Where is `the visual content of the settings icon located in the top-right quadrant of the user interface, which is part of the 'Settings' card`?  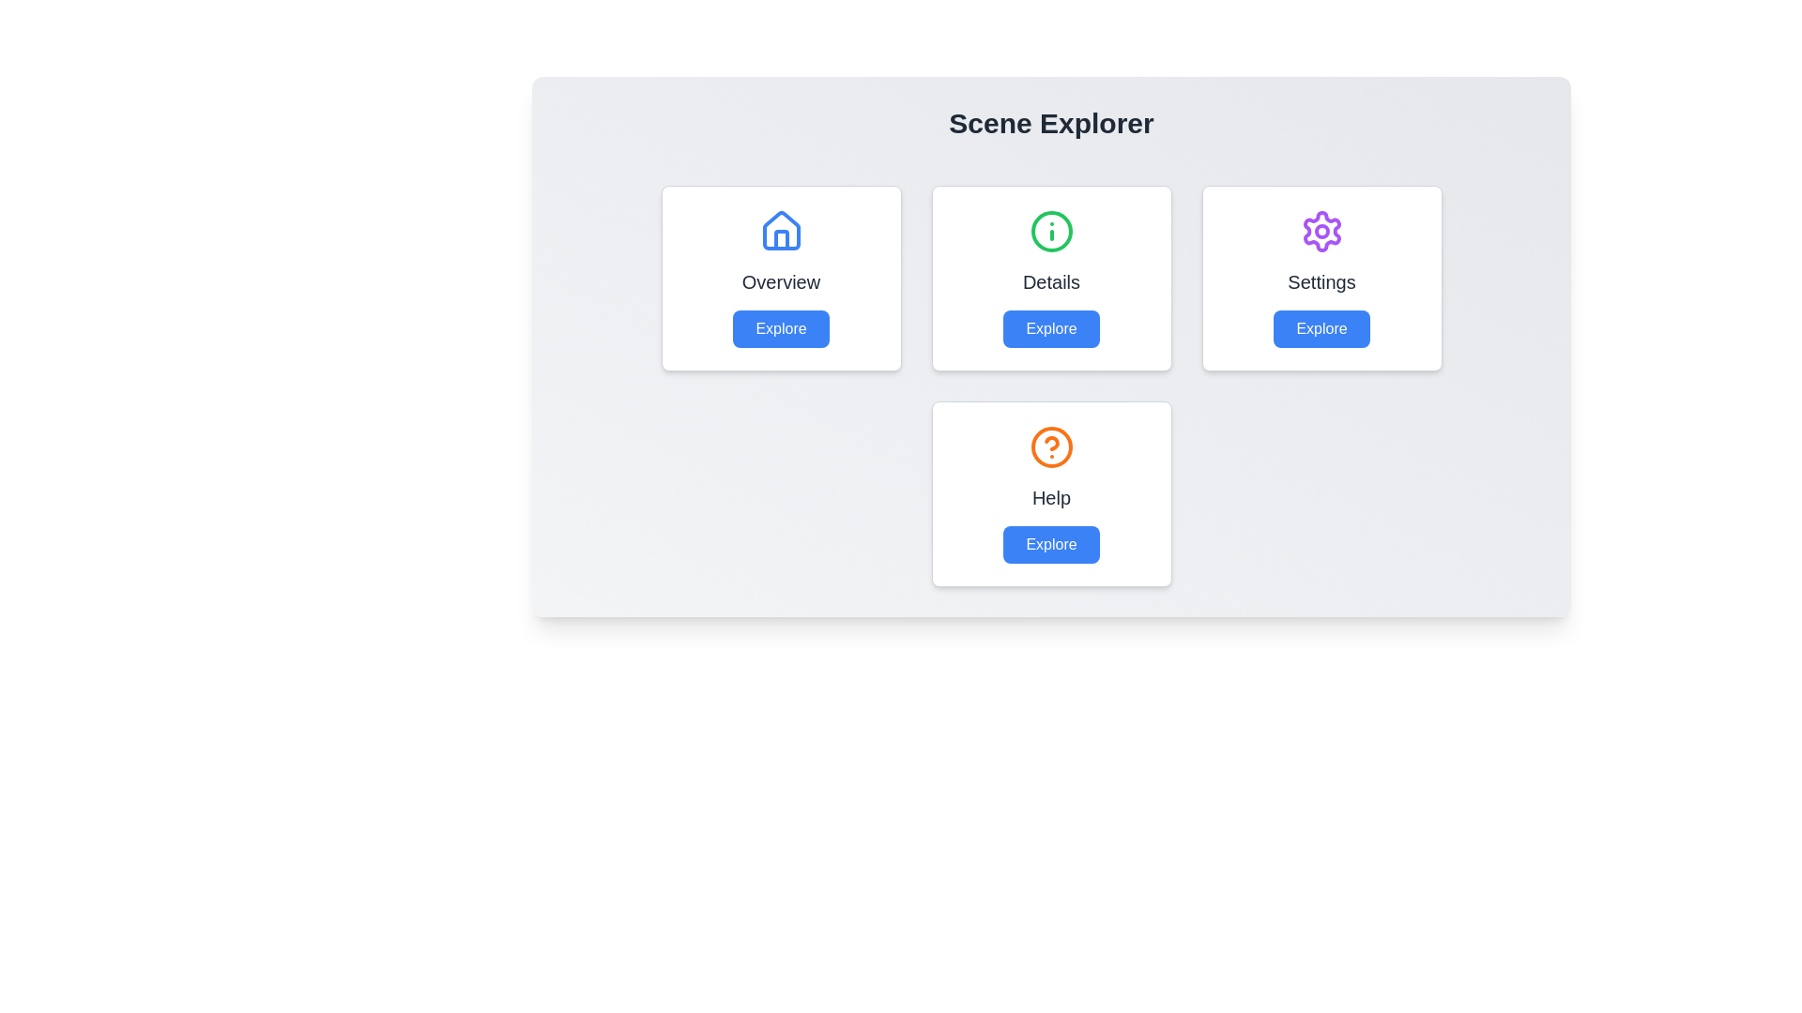
the visual content of the settings icon located in the top-right quadrant of the user interface, which is part of the 'Settings' card is located at coordinates (1321, 230).